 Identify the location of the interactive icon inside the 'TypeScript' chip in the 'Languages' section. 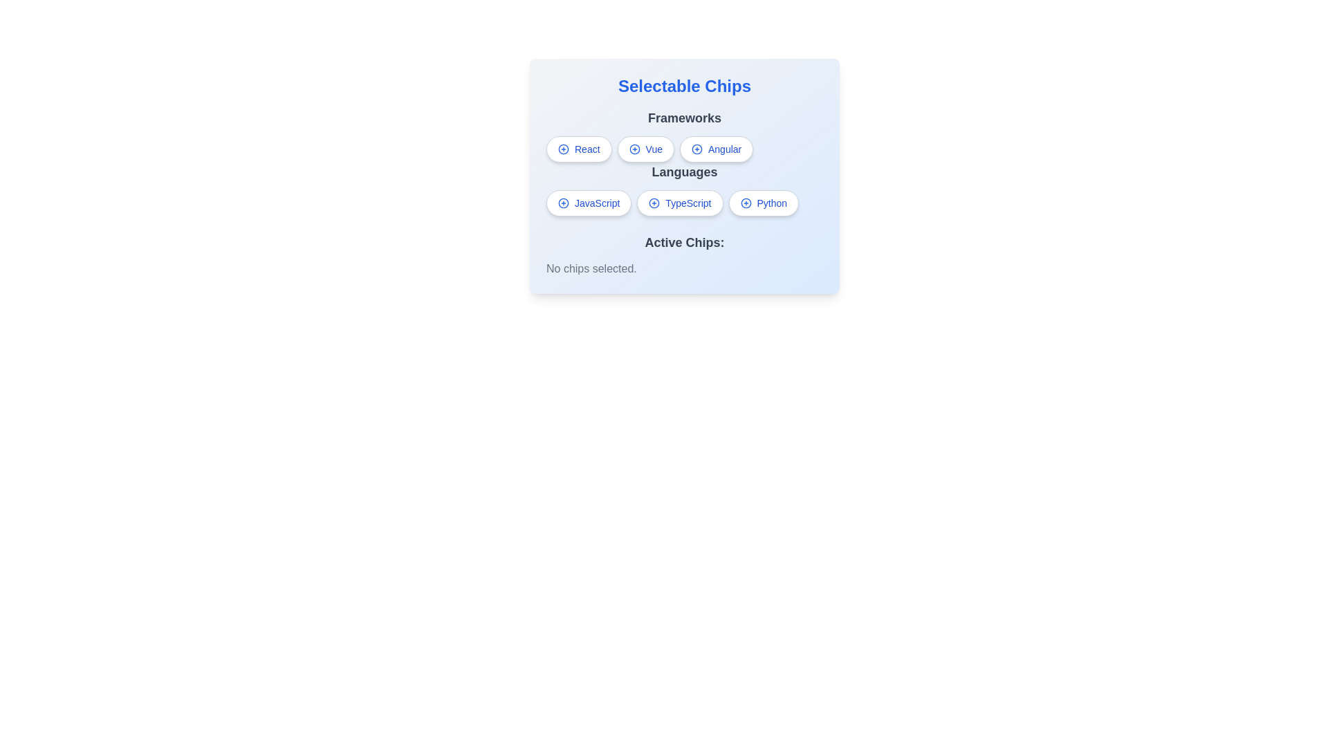
(654, 203).